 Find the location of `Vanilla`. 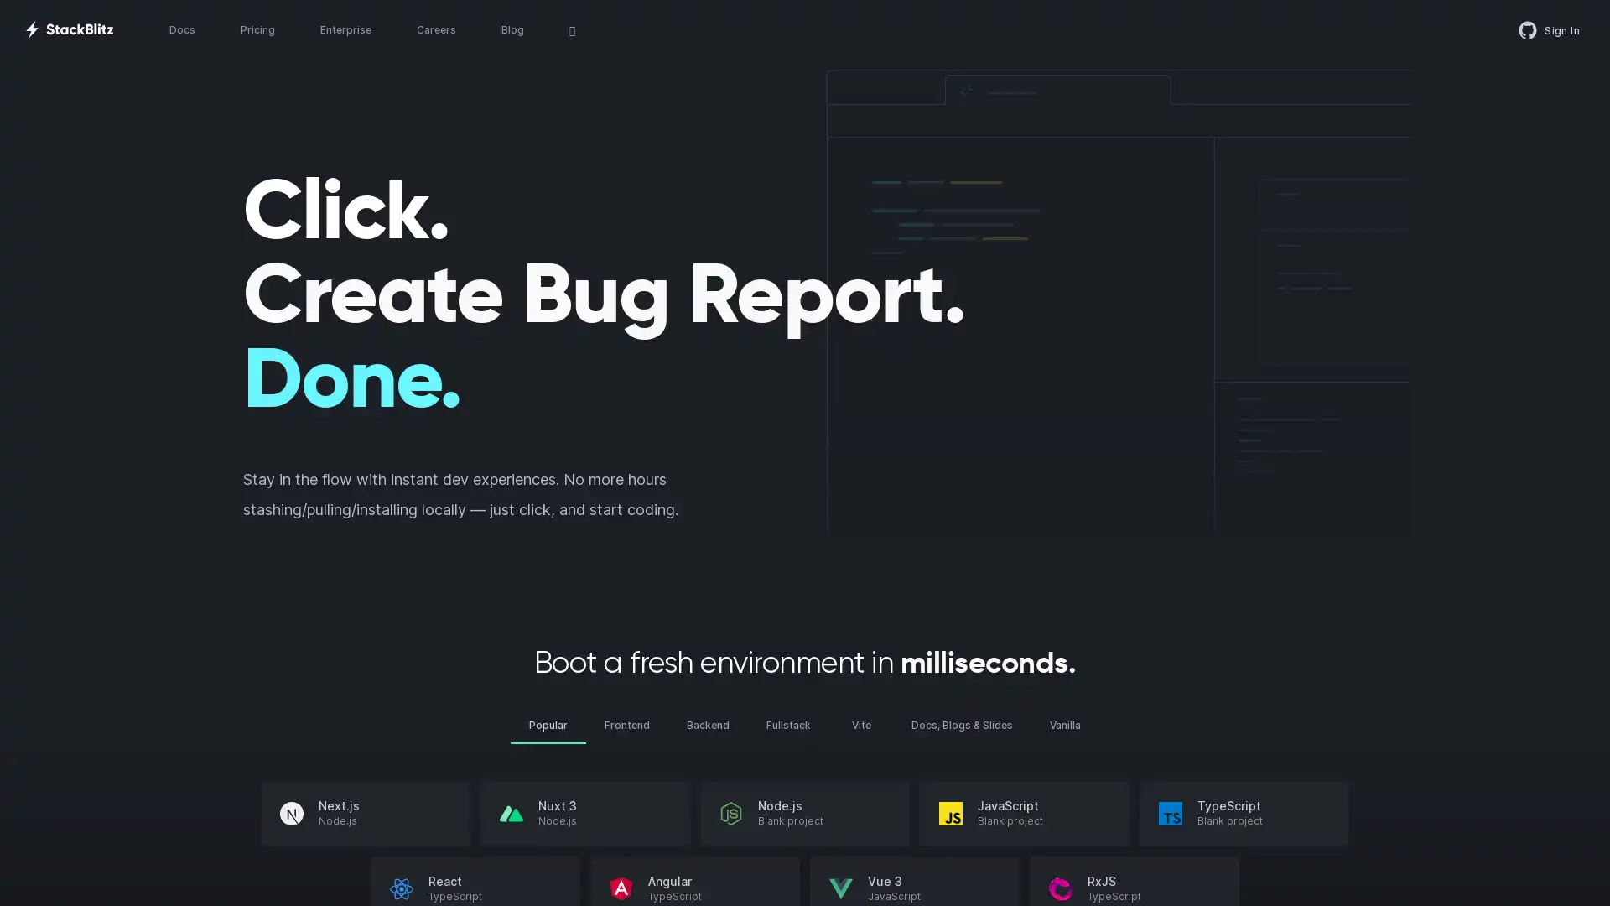

Vanilla is located at coordinates (1064, 724).